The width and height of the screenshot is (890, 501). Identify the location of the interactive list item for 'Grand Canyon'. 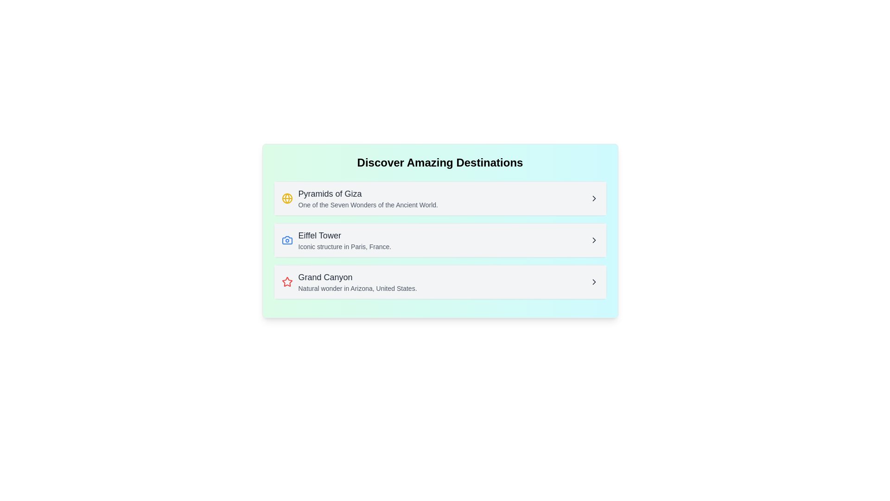
(439, 282).